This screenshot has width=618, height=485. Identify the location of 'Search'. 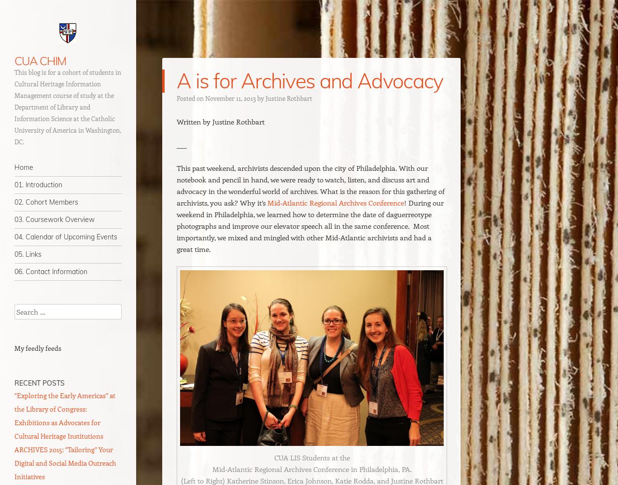
(25, 309).